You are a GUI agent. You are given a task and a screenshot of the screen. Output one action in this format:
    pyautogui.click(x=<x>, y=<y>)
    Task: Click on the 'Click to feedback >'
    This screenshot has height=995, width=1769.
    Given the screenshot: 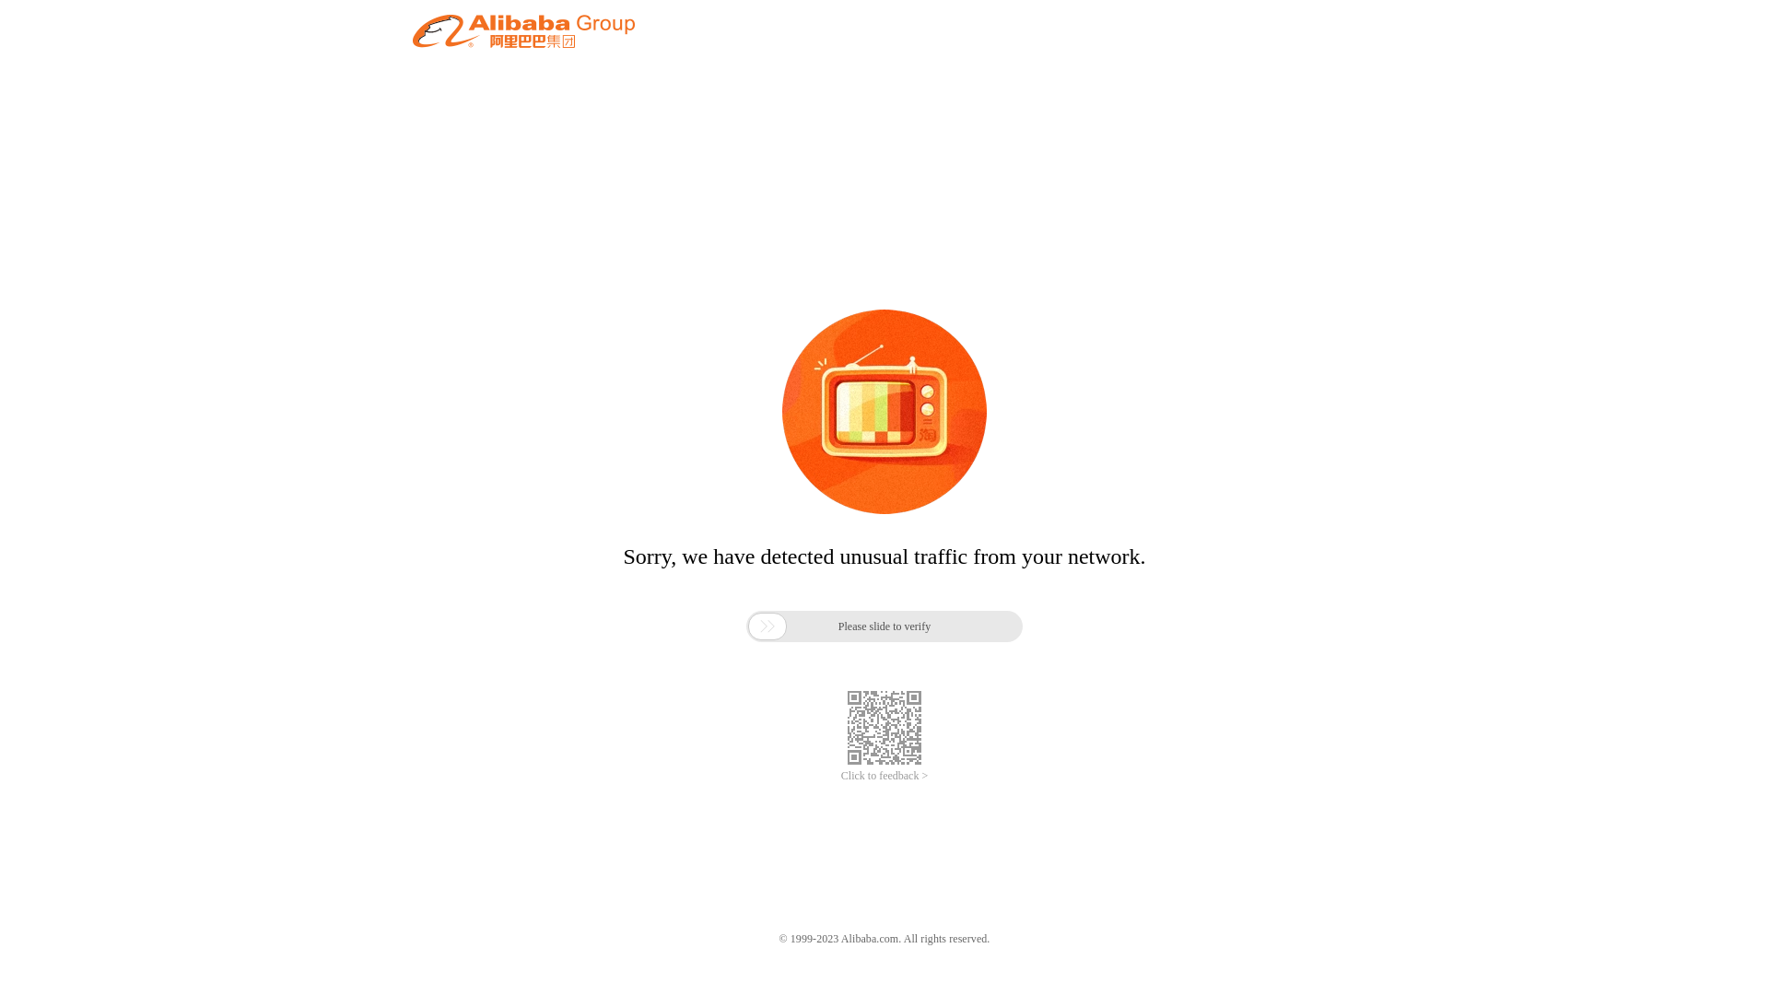 What is the action you would take?
    pyautogui.click(x=884, y=776)
    